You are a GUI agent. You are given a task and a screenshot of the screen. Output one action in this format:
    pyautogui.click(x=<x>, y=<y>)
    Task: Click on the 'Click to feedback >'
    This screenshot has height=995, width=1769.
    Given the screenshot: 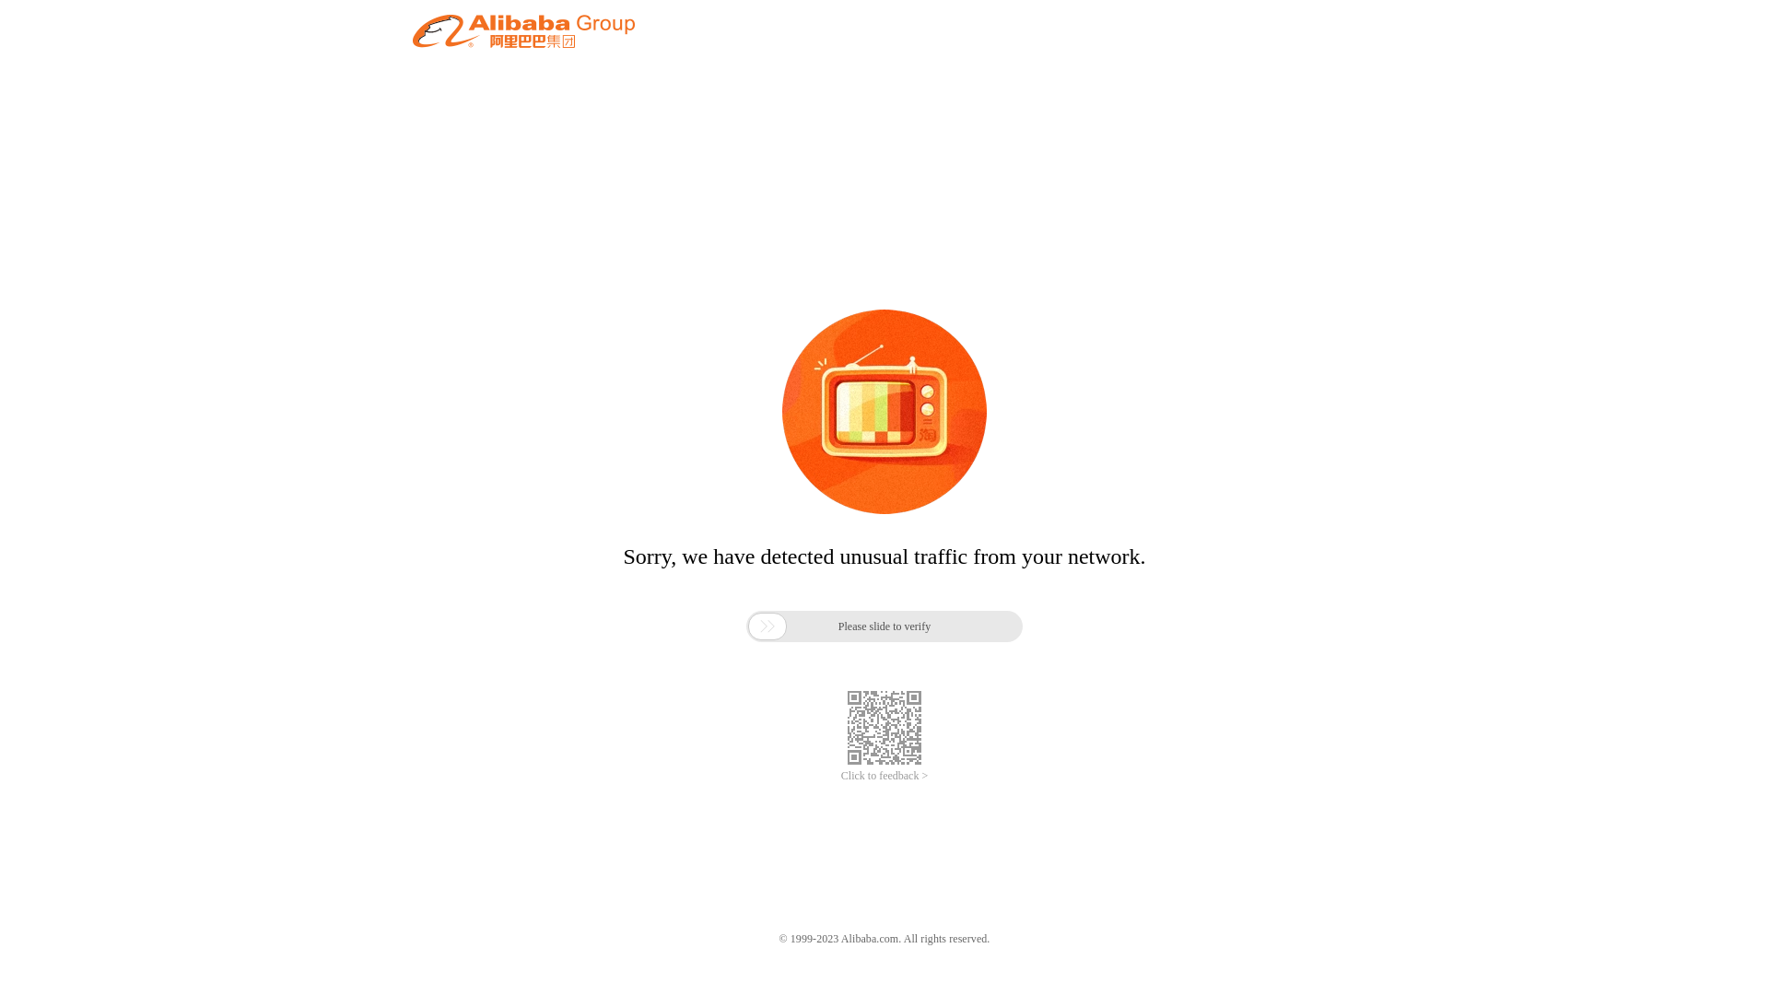 What is the action you would take?
    pyautogui.click(x=884, y=776)
    